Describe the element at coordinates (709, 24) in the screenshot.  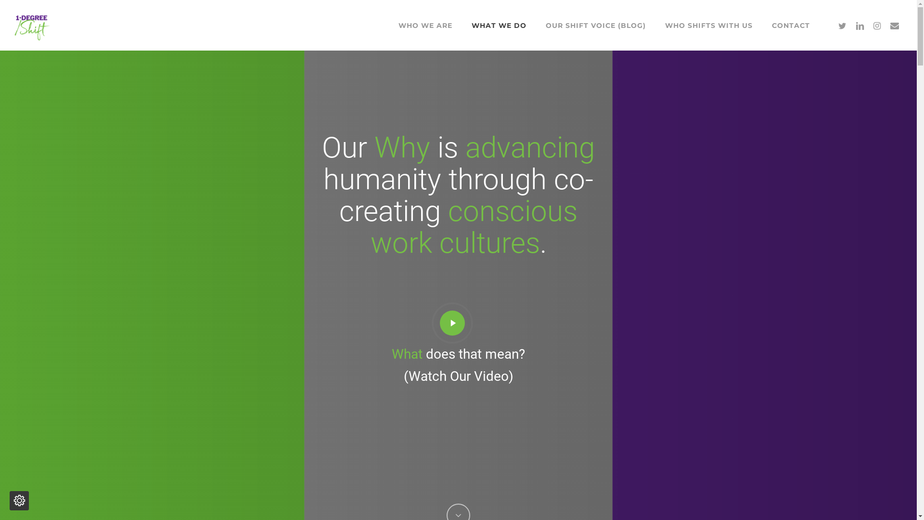
I see `'WHO SHIFTS WITH US'` at that location.